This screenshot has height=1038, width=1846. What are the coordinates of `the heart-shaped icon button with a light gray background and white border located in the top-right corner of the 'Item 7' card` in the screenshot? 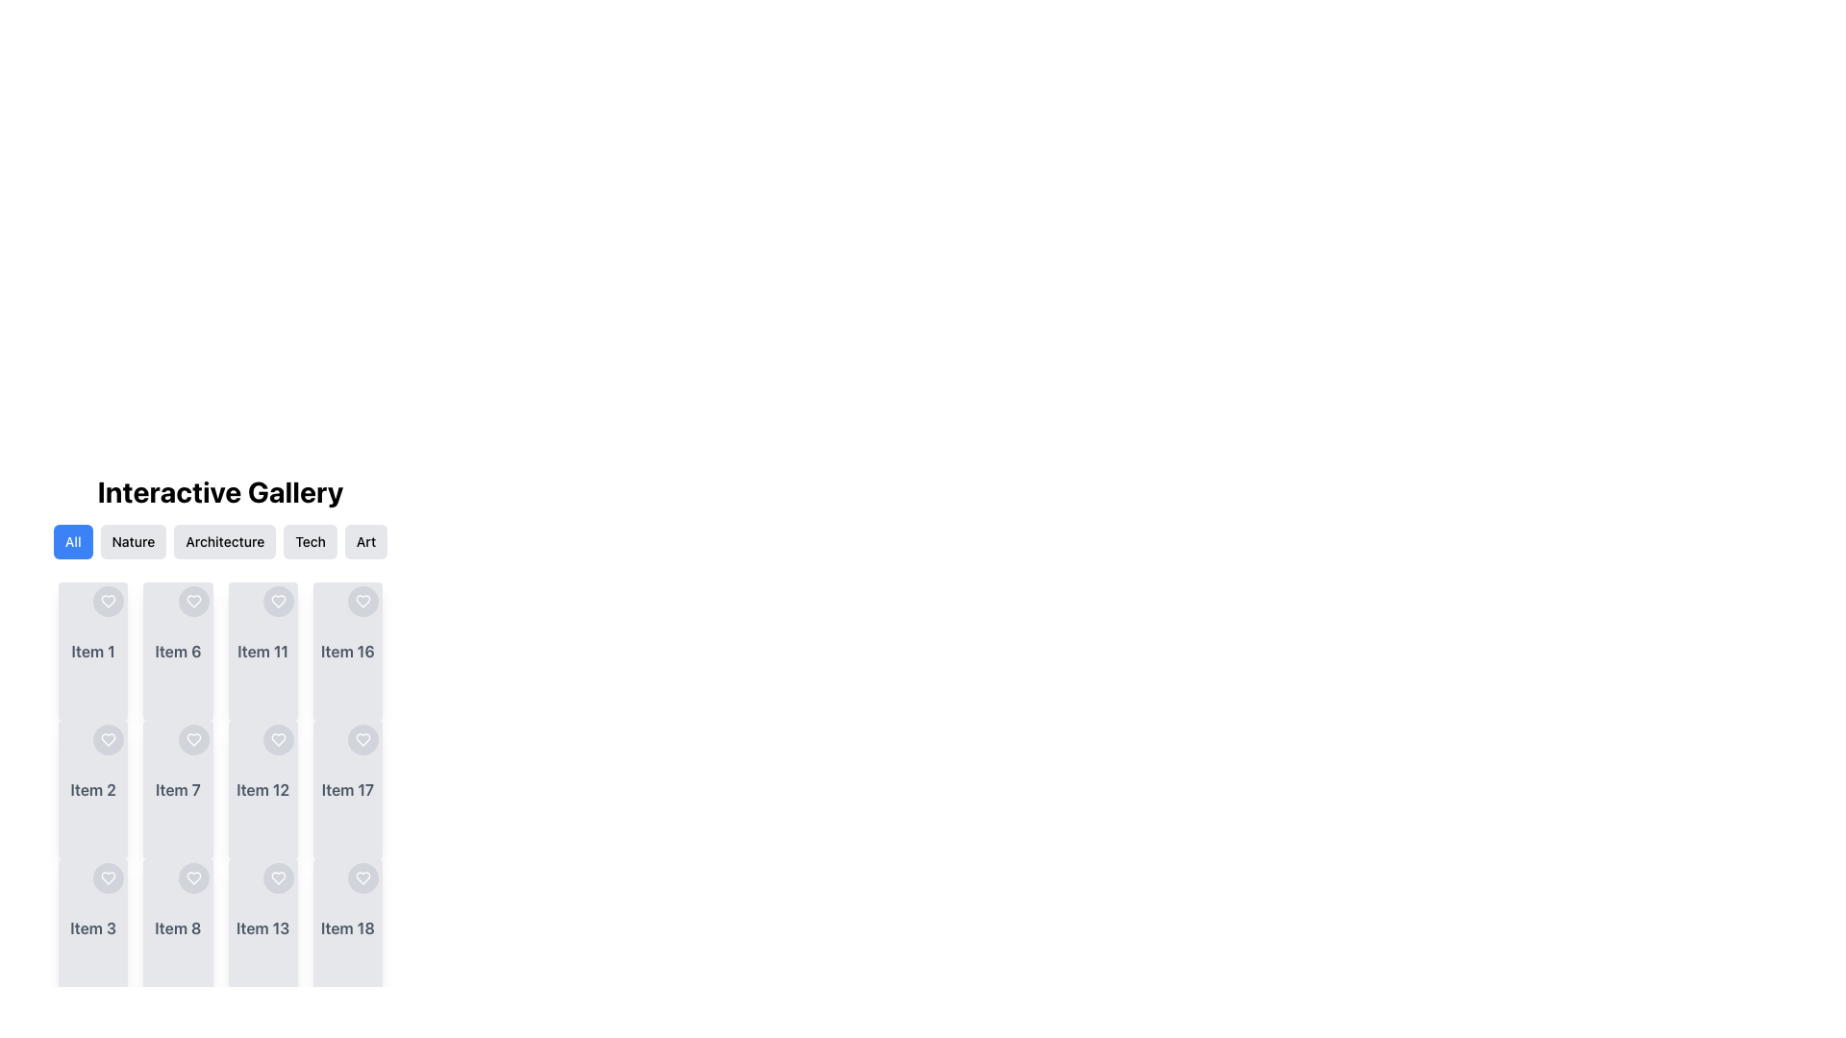 It's located at (193, 739).